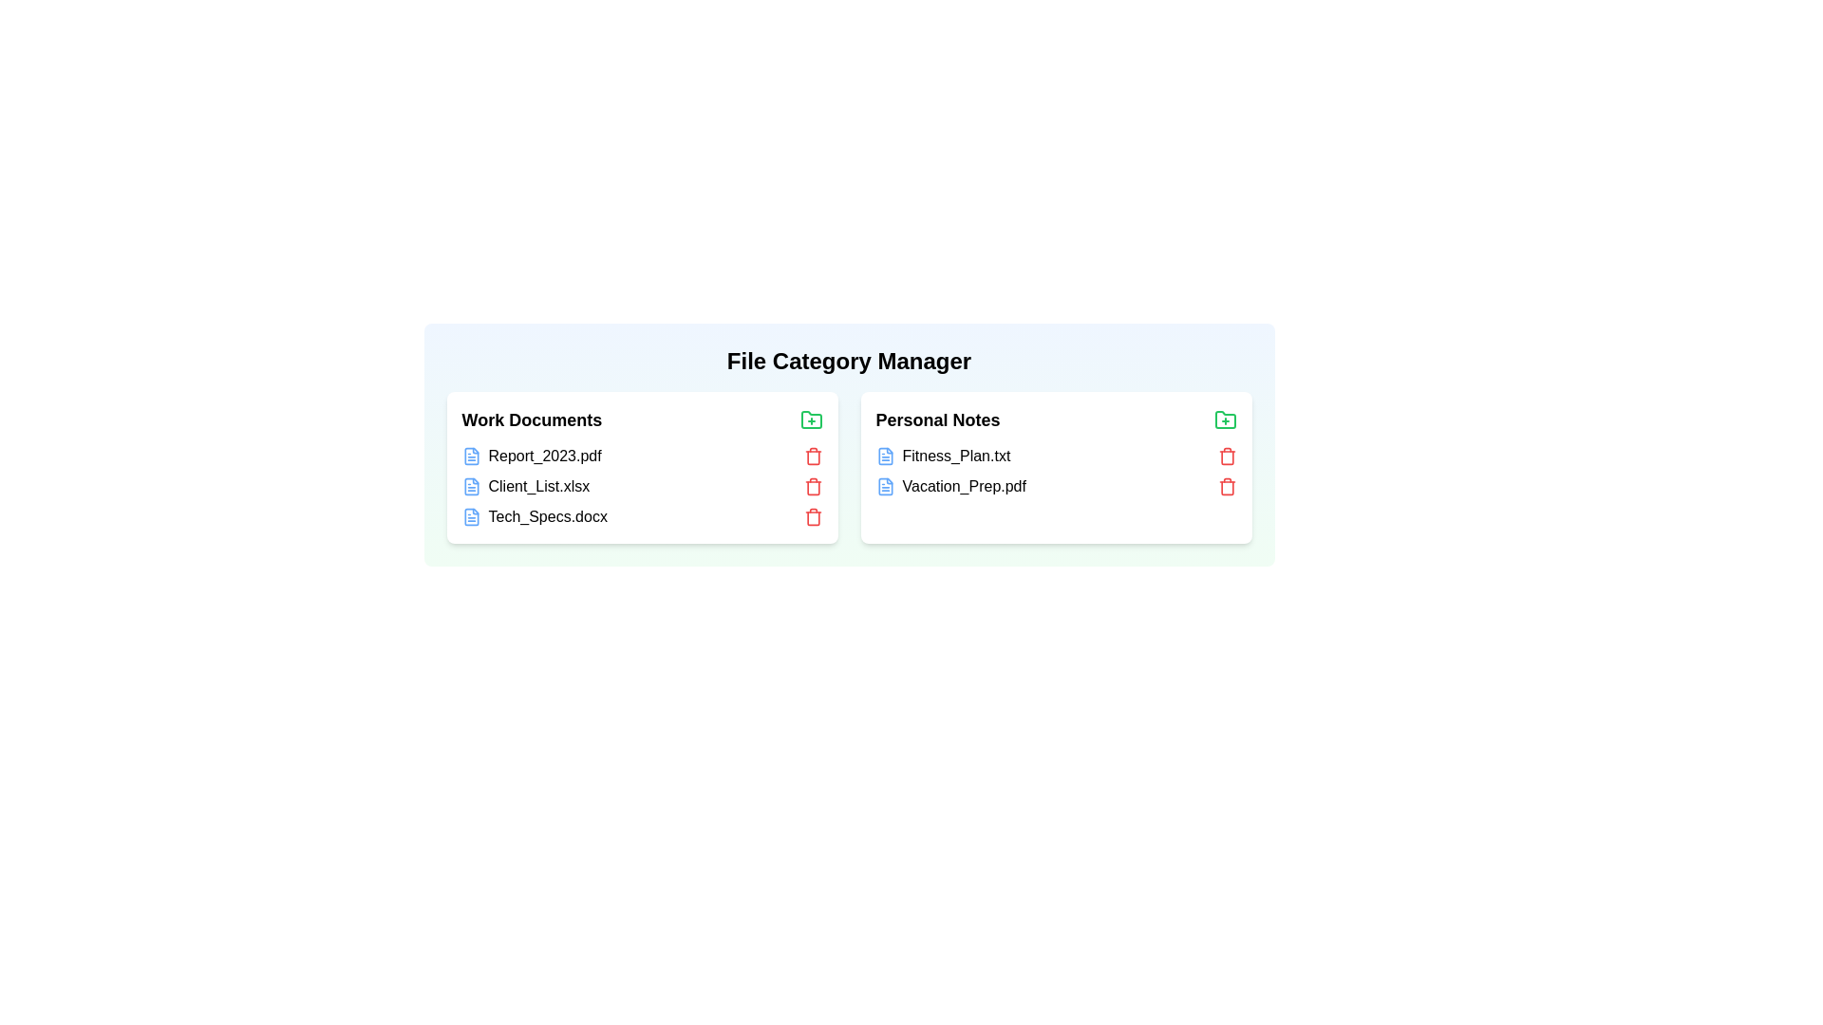 The height and width of the screenshot is (1025, 1823). Describe the element at coordinates (949, 485) in the screenshot. I see `the file named Vacation_Prep.pdf in the category Personal Notes` at that location.